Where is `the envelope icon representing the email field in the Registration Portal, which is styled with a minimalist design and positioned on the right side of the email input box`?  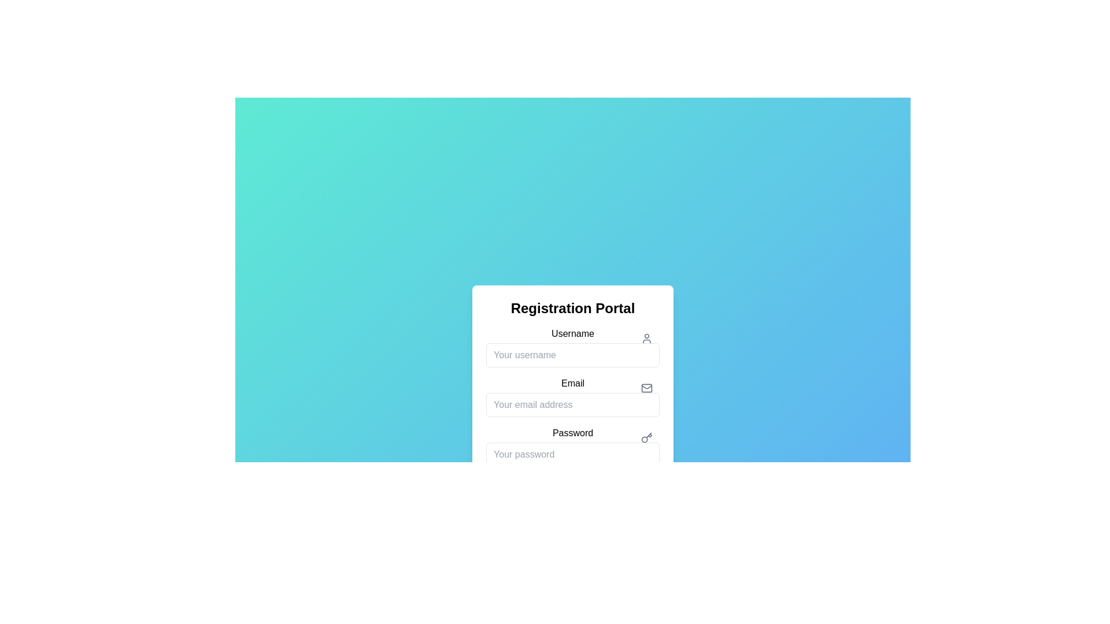
the envelope icon representing the email field in the Registration Portal, which is styled with a minimalist design and positioned on the right side of the email input box is located at coordinates (646, 387).